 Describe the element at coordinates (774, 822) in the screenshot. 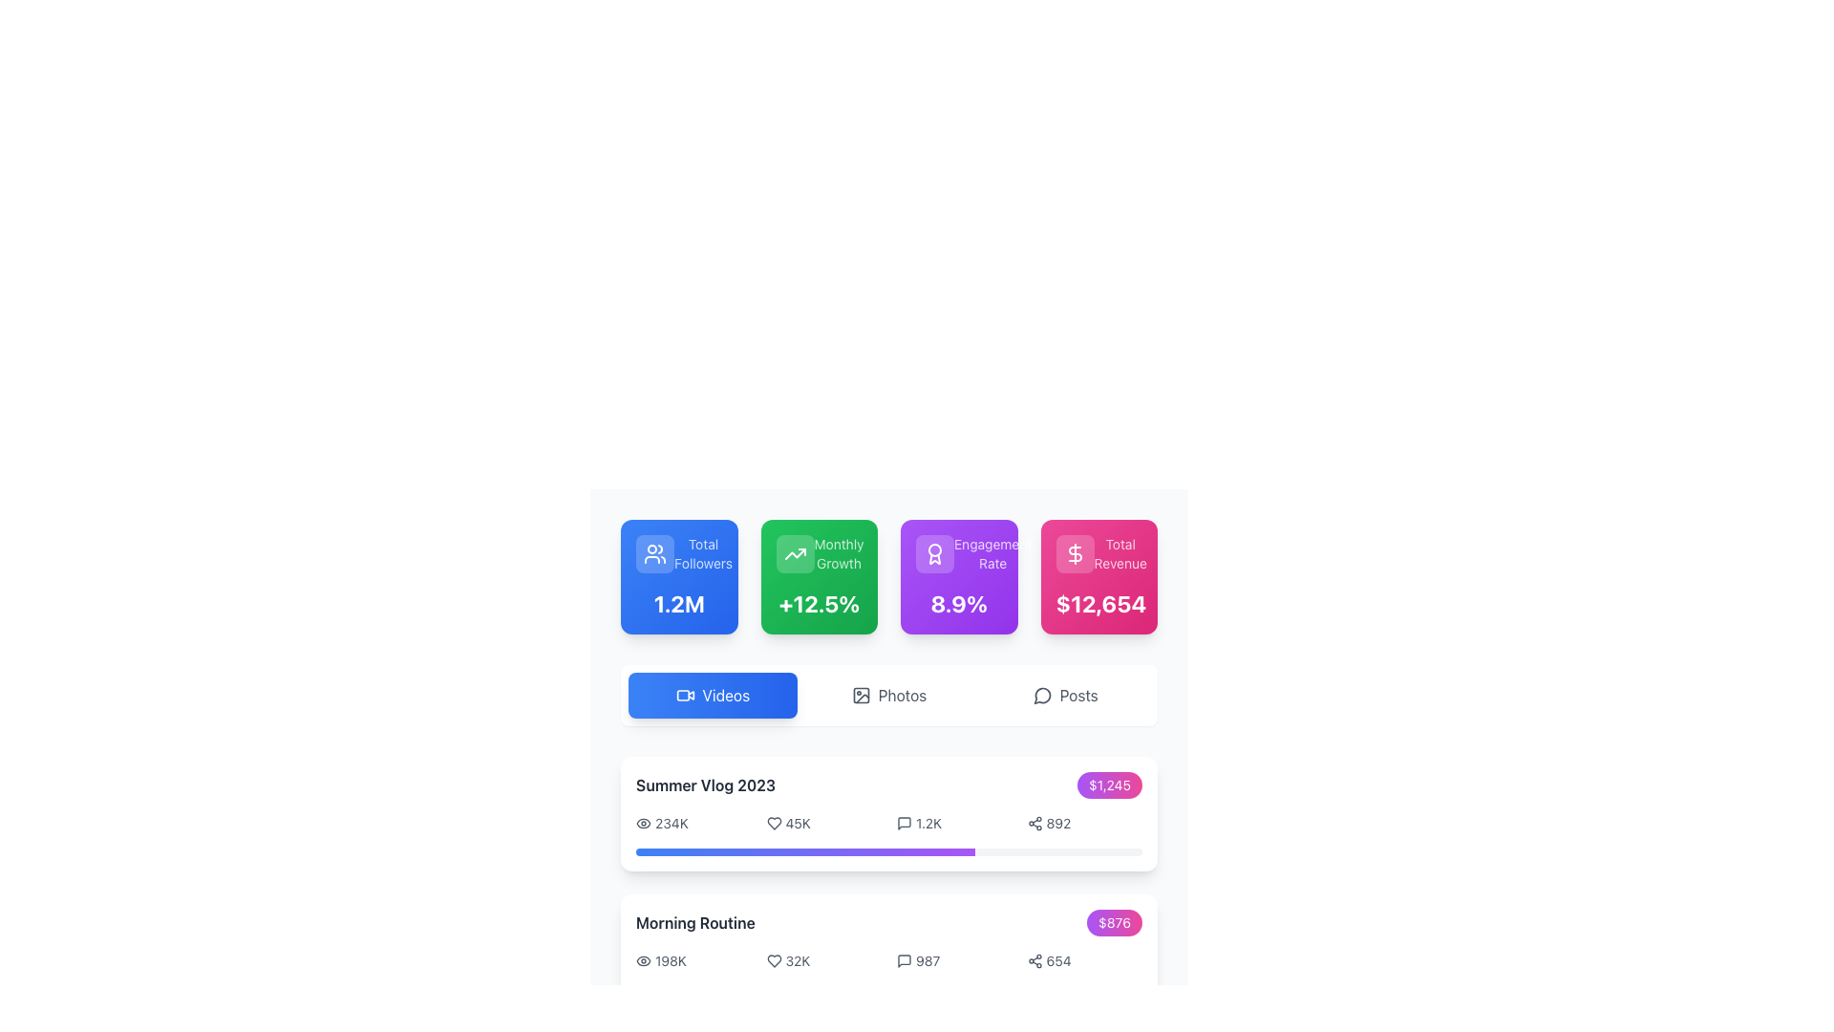

I see `the engagement icon for 'likes' or 'favorites' located next to the '45K' text in the 'Summer Vlog 2023' section` at that location.